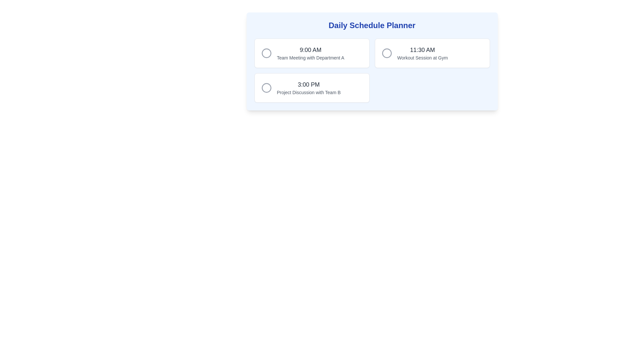  I want to click on the circular outline icon located within the card titled '3:00 PM Project Discussion with Team B', which is positioned to the left of the associated text, so click(266, 88).